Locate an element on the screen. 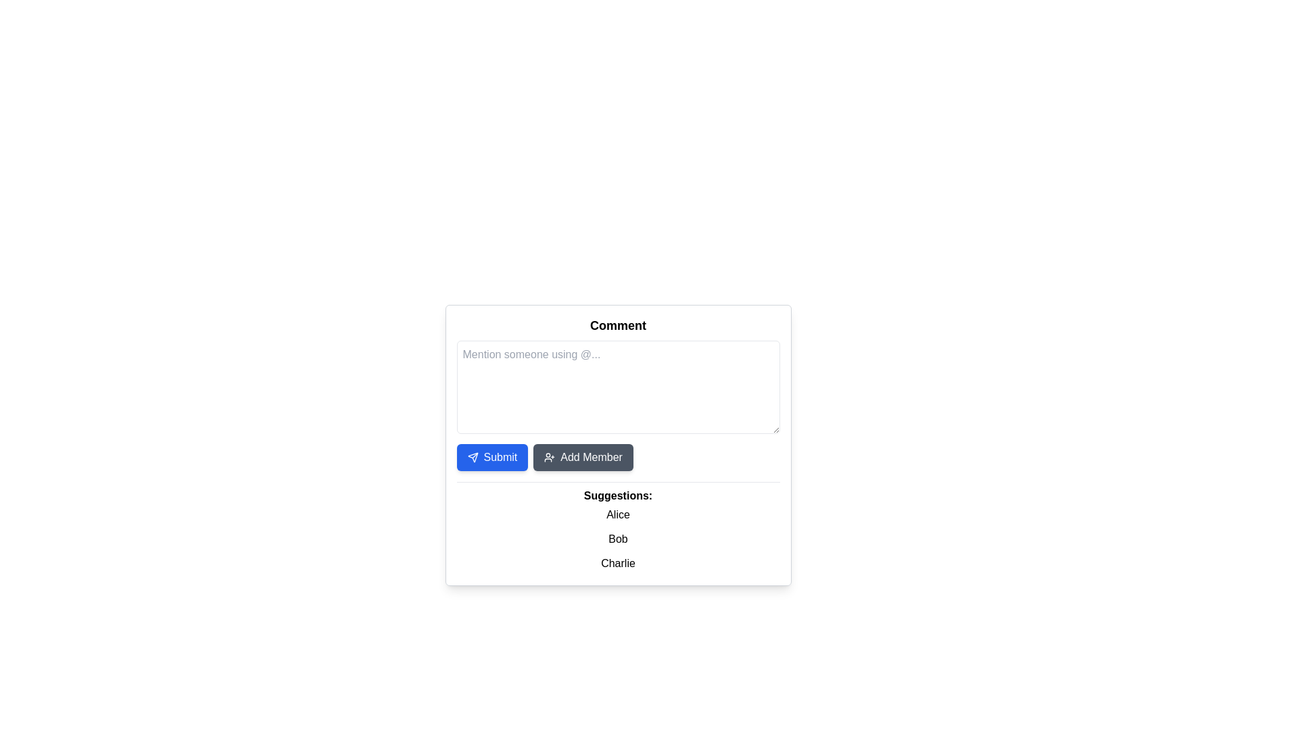  the Text label or heading indicating the purpose of the commenting section is located at coordinates (617, 326).